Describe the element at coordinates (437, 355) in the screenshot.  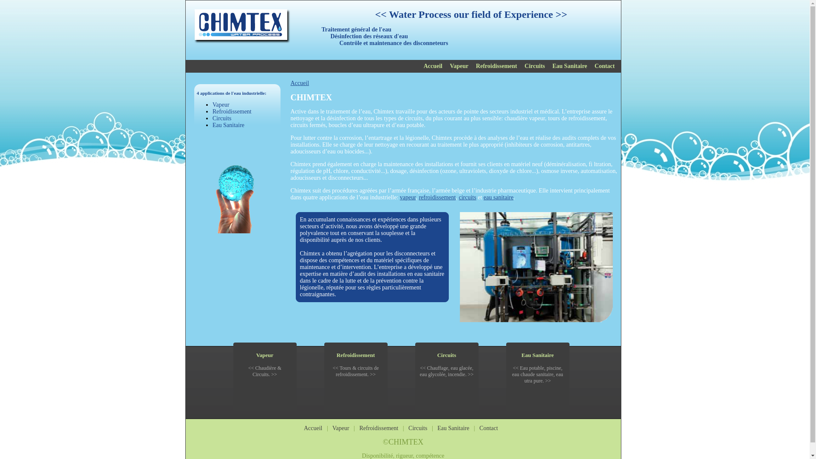
I see `'Circuits'` at that location.